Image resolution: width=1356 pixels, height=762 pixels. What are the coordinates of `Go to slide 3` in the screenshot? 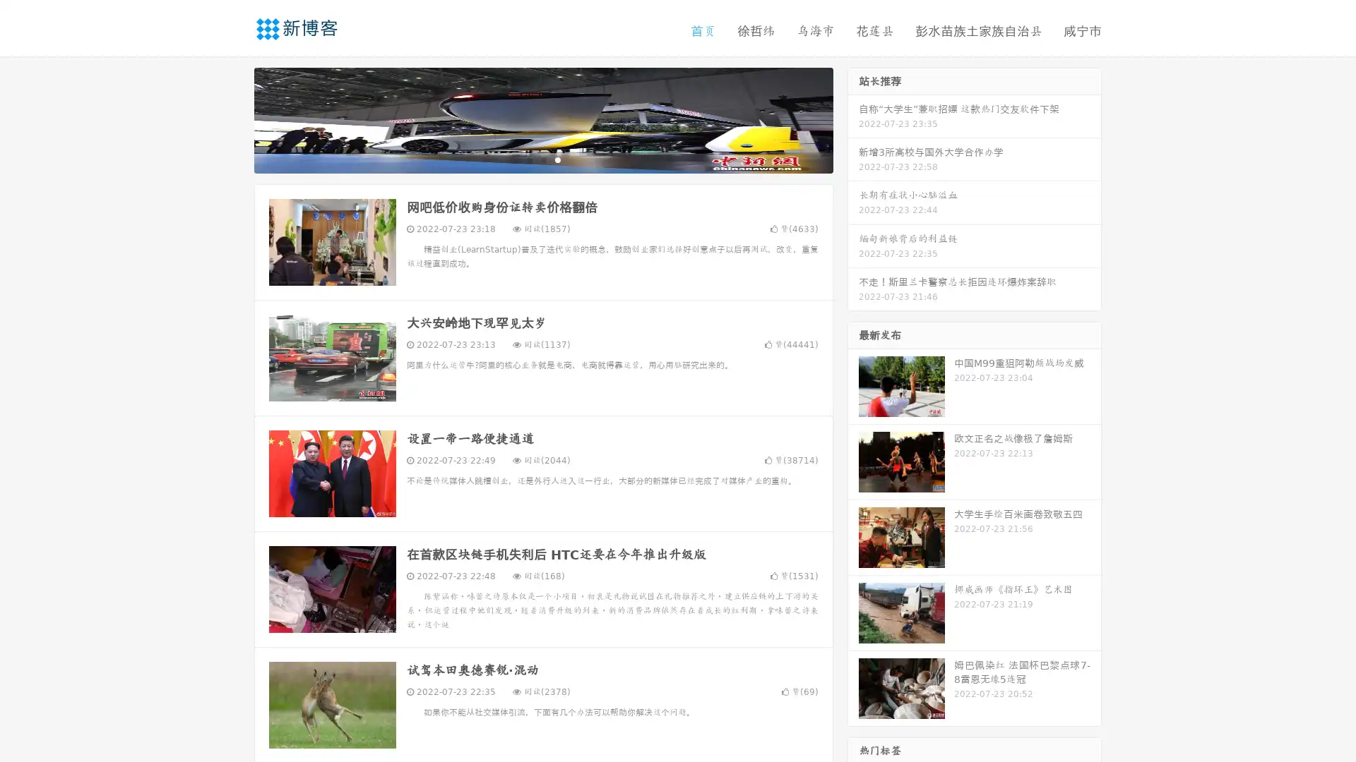 It's located at (557, 159).